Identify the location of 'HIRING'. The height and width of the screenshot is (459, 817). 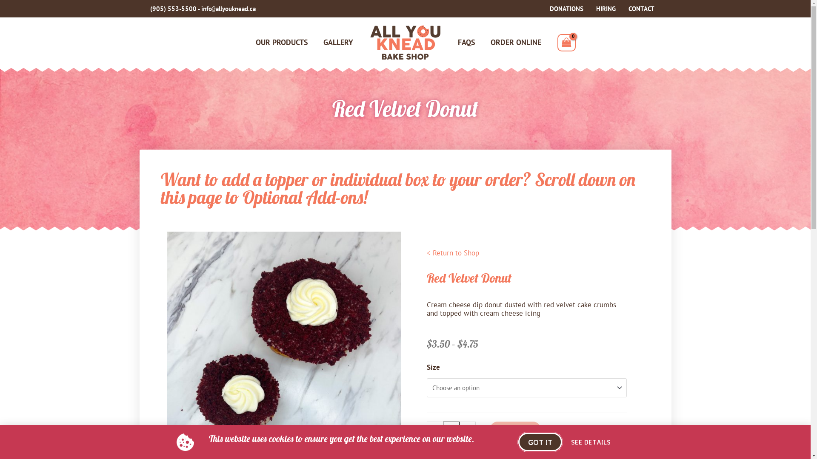
(606, 8).